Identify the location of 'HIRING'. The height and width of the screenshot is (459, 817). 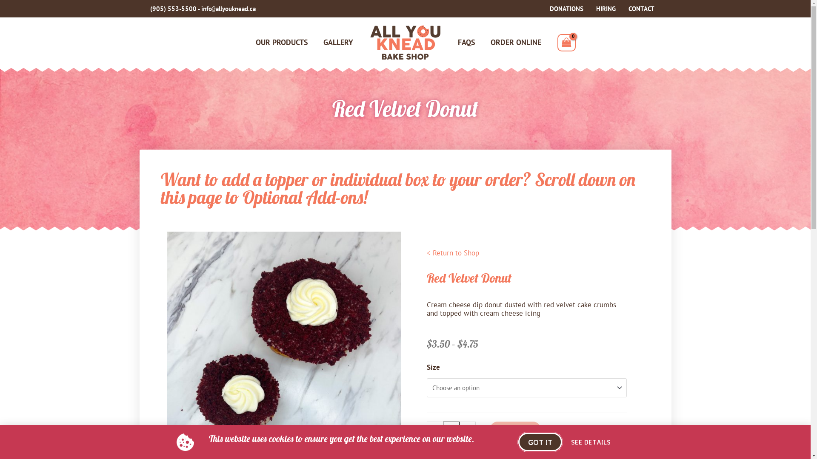
(606, 8).